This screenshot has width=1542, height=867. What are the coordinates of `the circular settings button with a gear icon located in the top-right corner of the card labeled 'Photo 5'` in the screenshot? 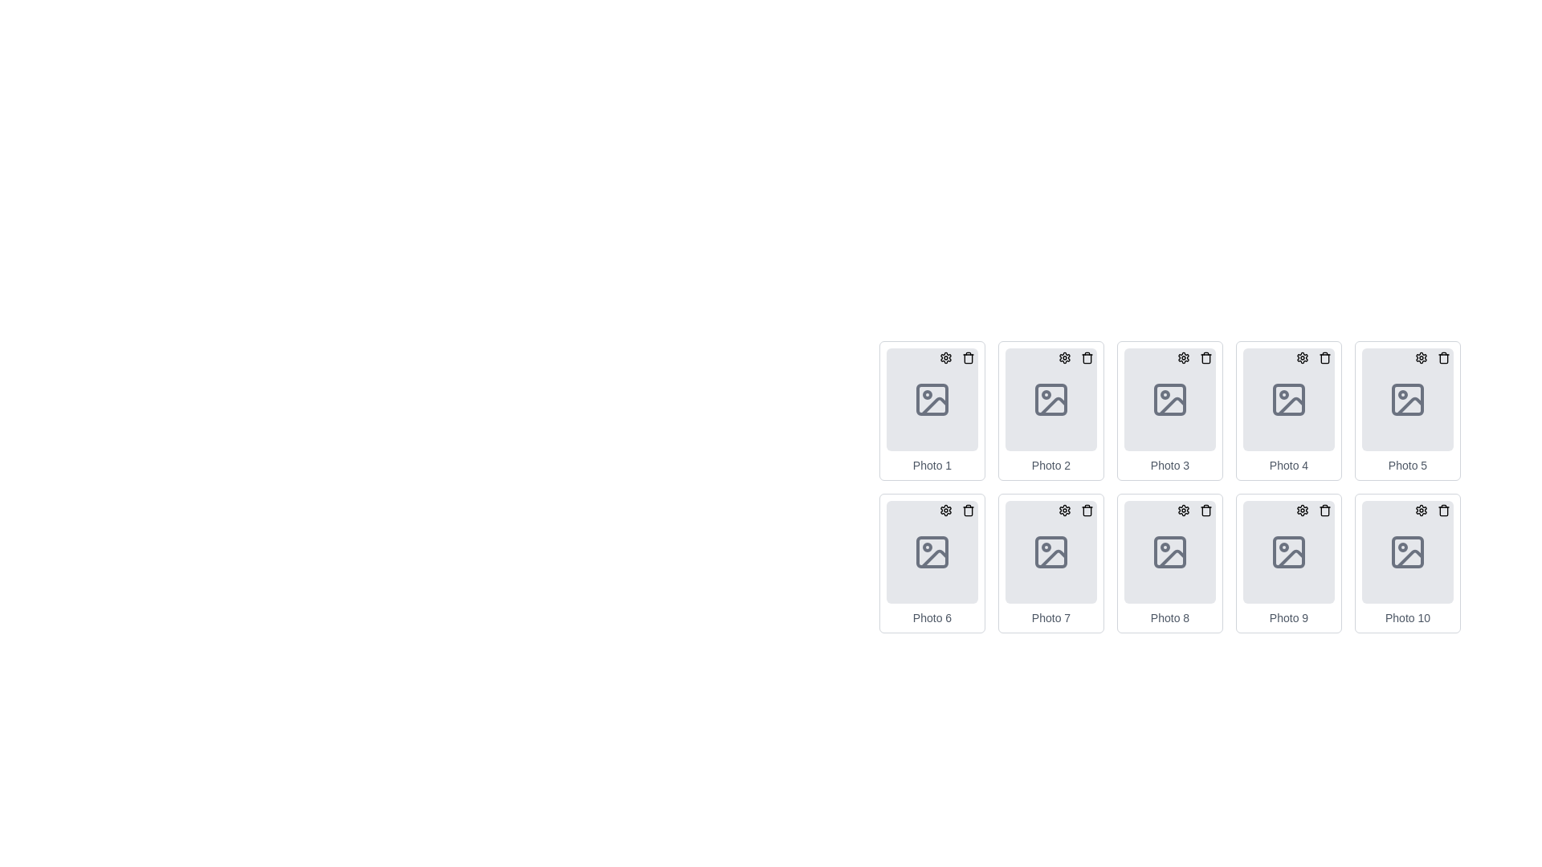 It's located at (1422, 357).